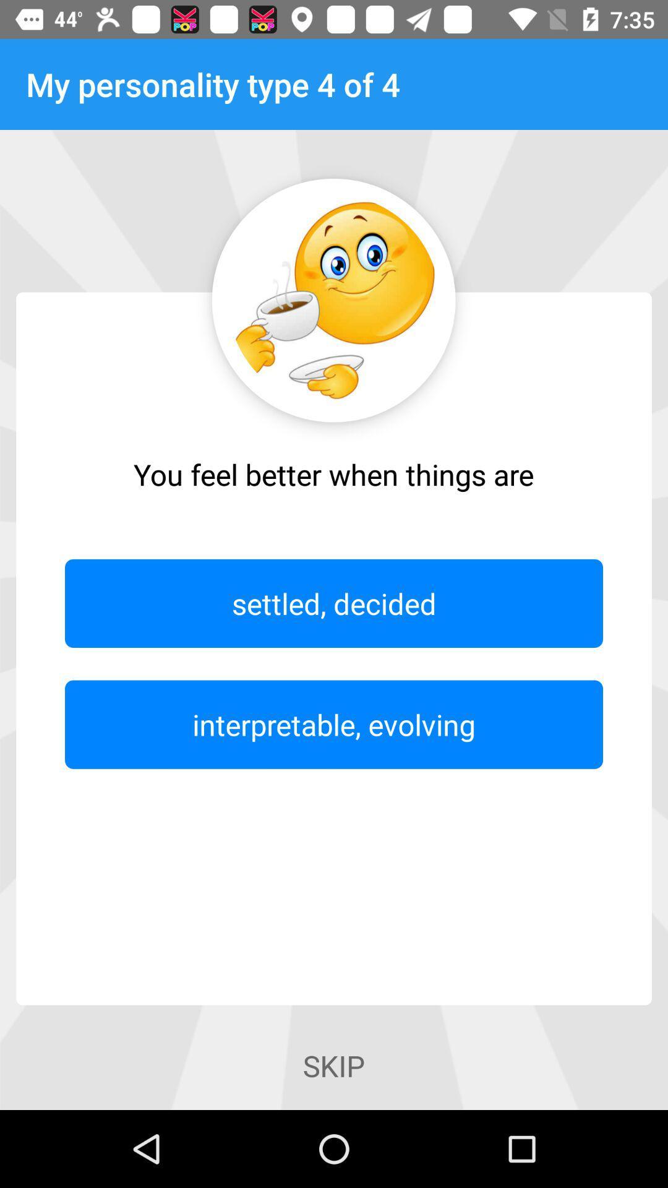  What do you see at coordinates (334, 725) in the screenshot?
I see `interpretable, evolving` at bounding box center [334, 725].